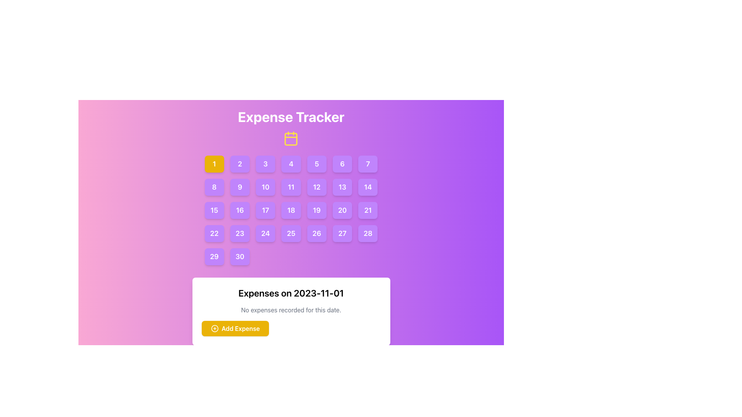 This screenshot has width=742, height=417. Describe the element at coordinates (291, 187) in the screenshot. I see `the interactive button for the 11th date in the calendar grid located in the fourth row and third column` at that location.